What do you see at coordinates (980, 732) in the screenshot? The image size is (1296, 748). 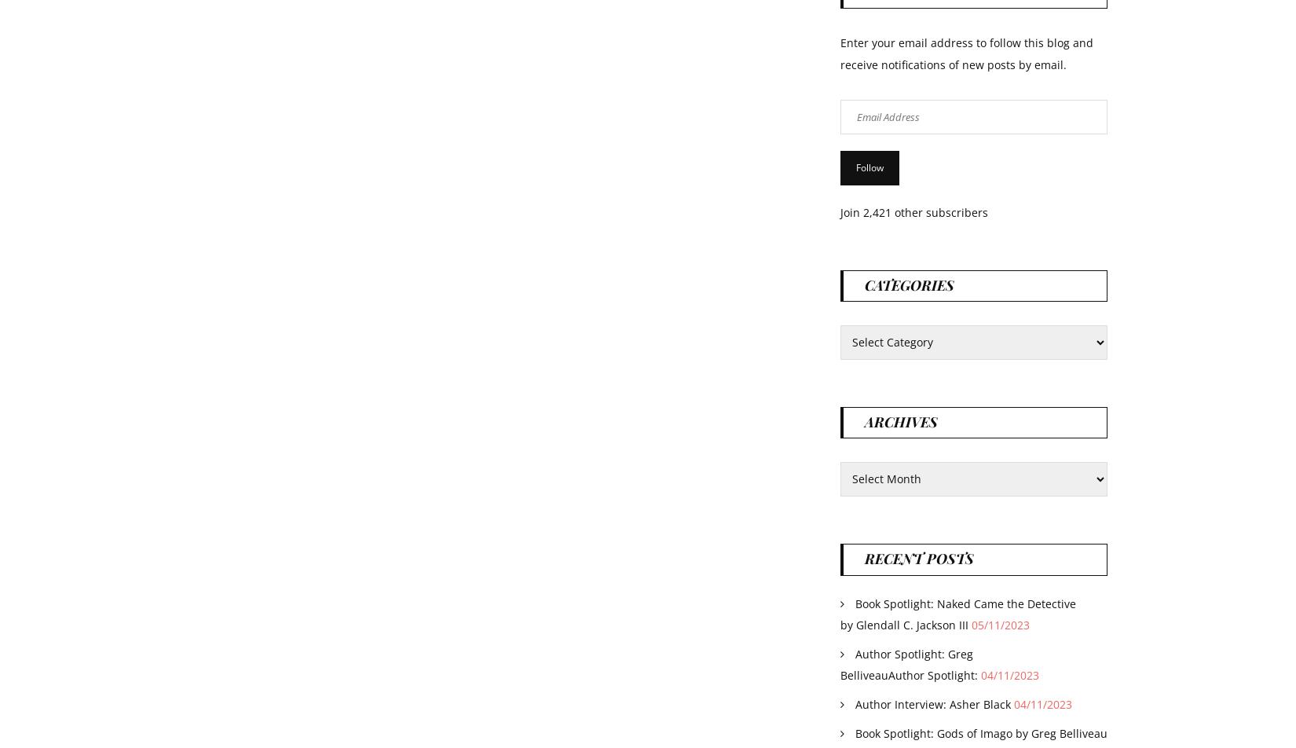 I see `'Book Spotlight: Gods of Imago by Greg Belliveau'` at bounding box center [980, 732].